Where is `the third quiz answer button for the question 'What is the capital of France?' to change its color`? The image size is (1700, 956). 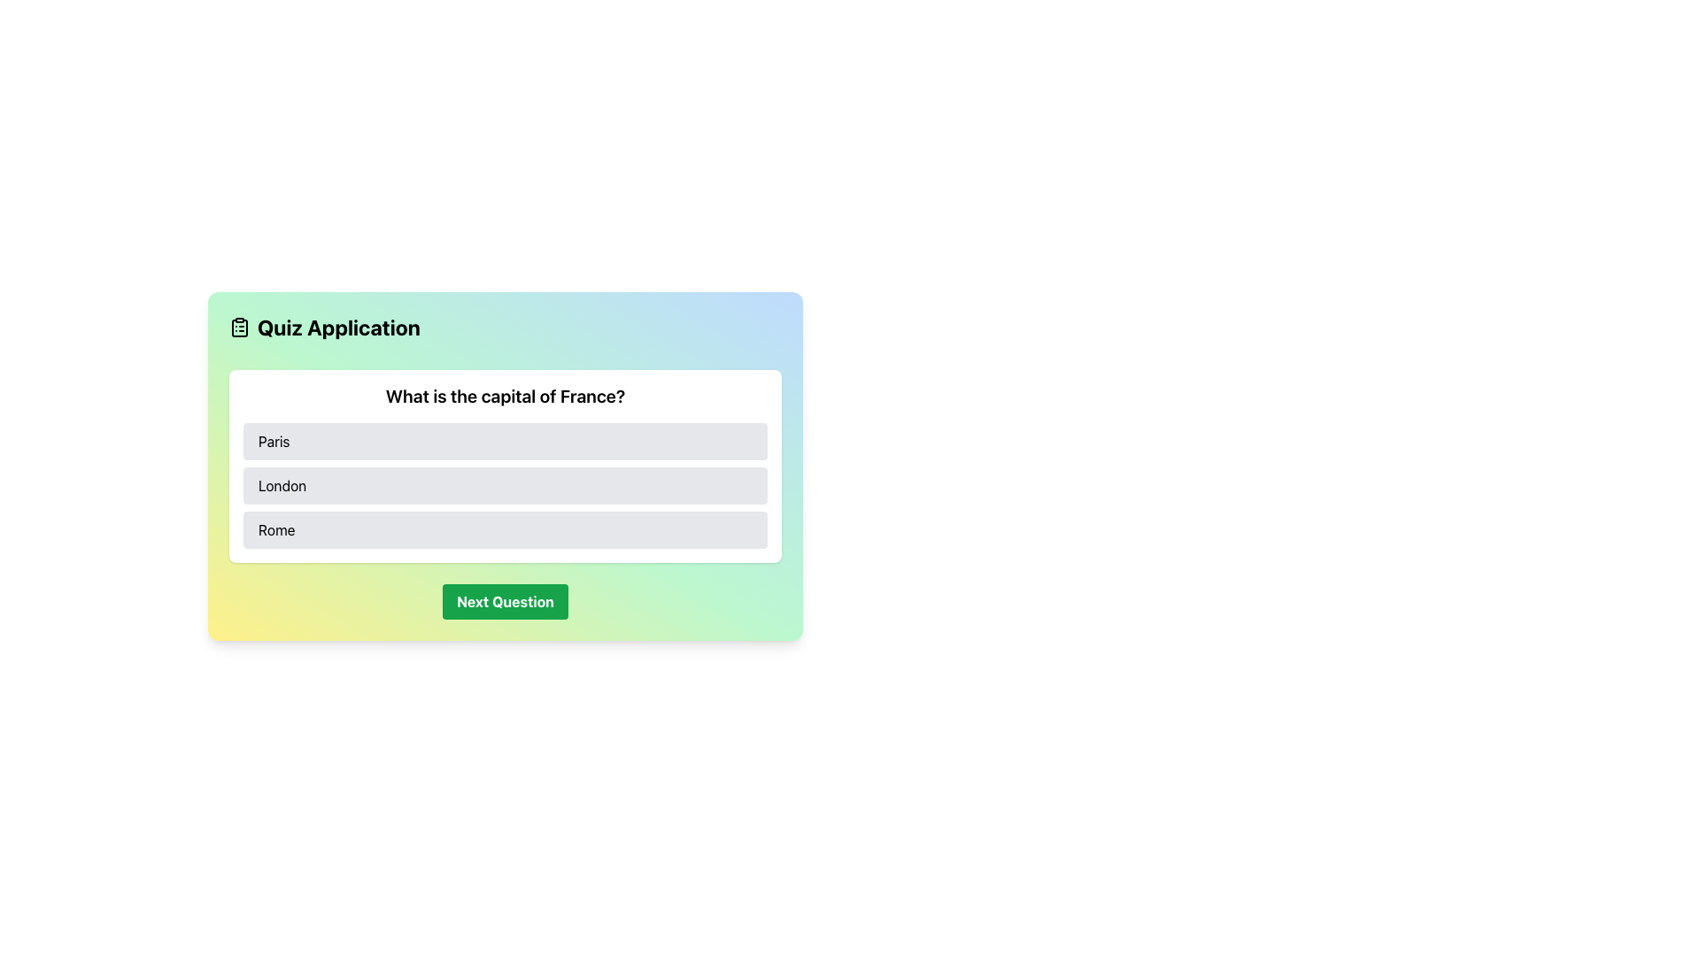
the third quiz answer button for the question 'What is the capital of France?' to change its color is located at coordinates (505, 528).